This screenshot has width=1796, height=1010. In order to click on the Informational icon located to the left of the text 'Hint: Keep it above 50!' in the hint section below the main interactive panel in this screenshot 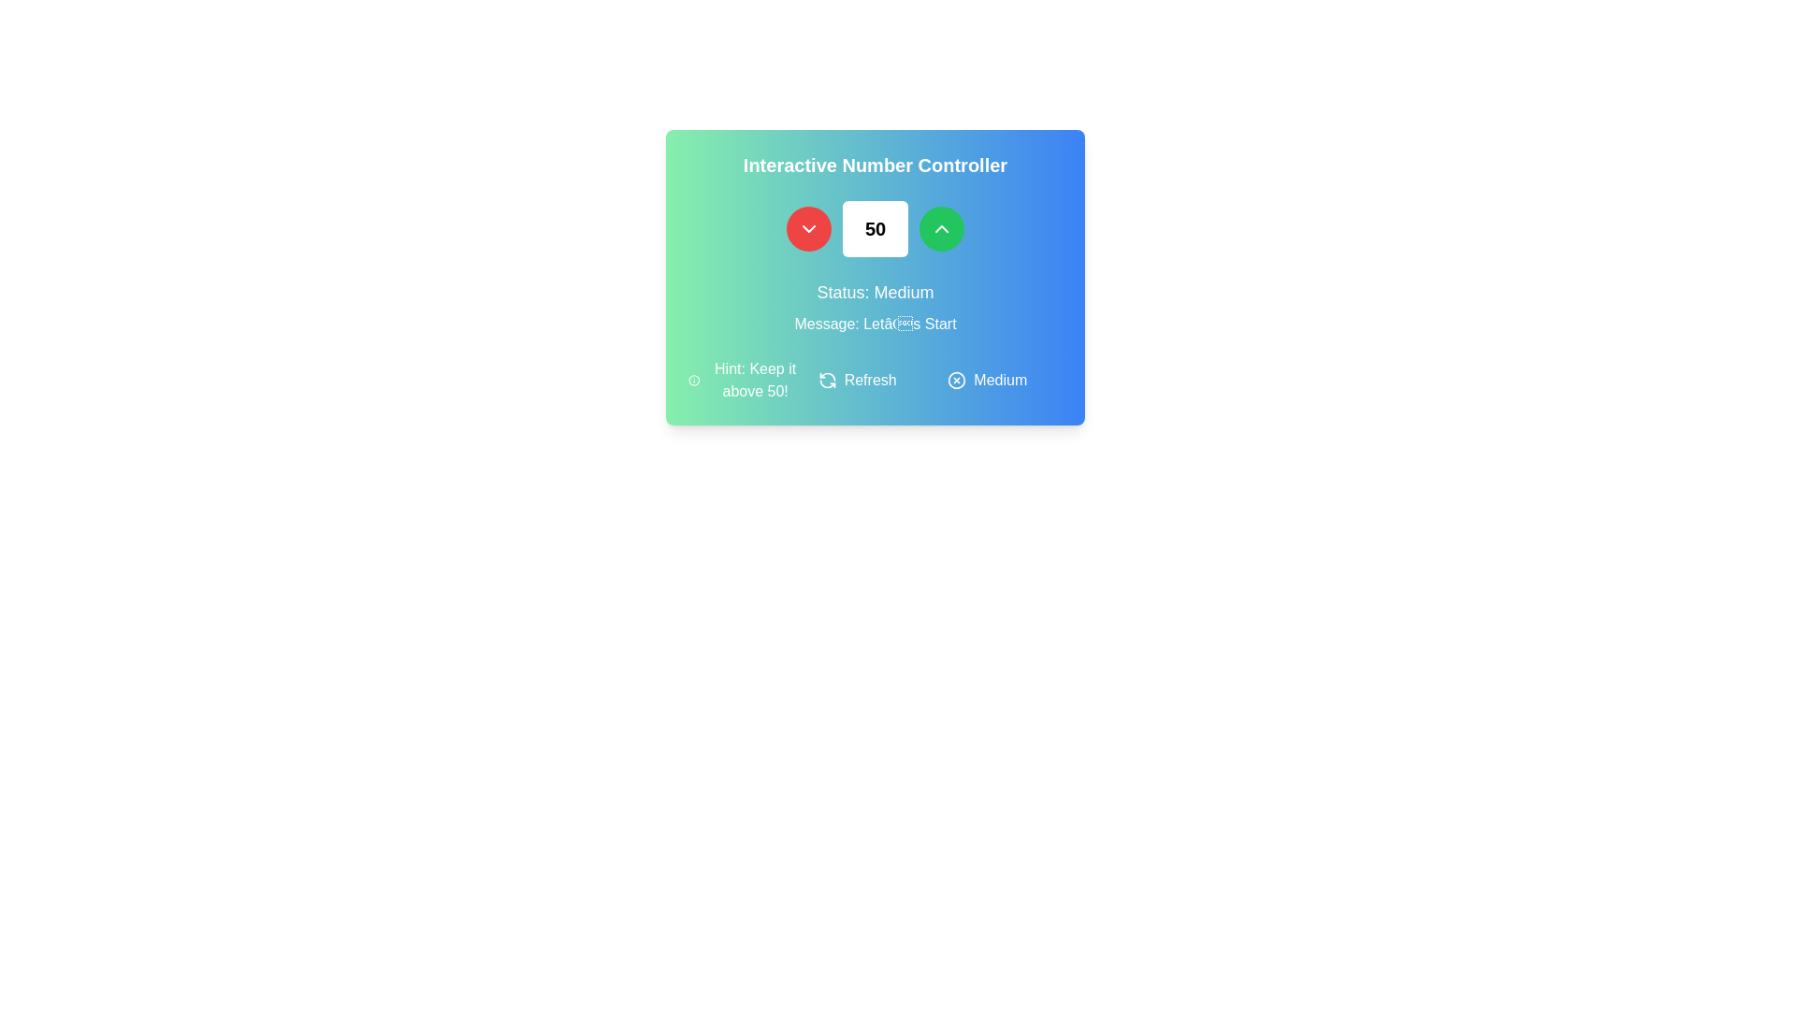, I will do `click(693, 380)`.